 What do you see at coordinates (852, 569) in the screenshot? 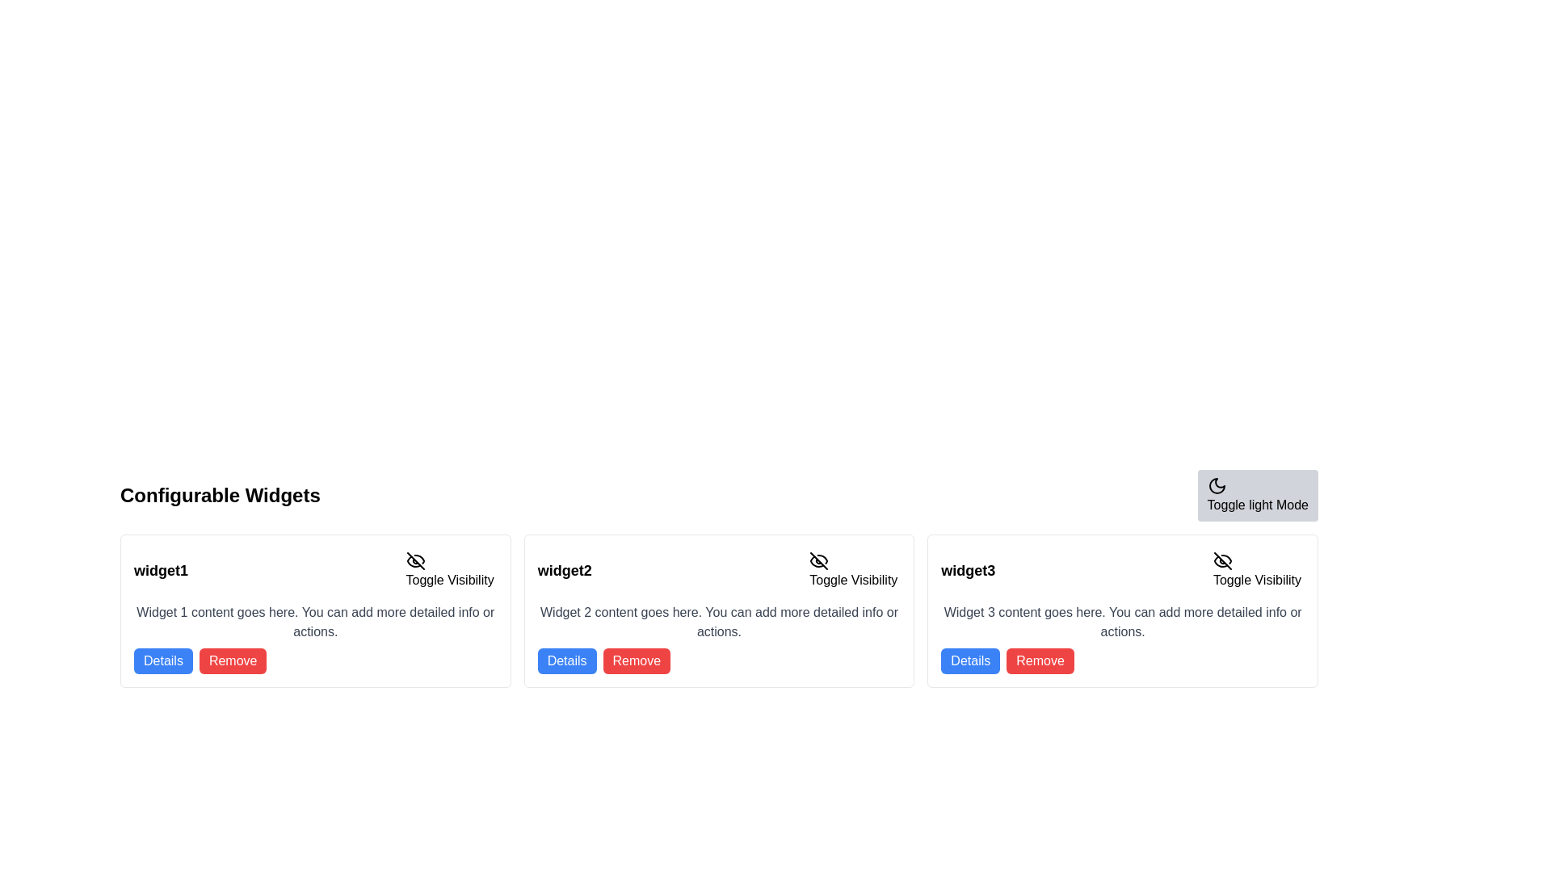
I see `the 'Toggle Visibility' button located in the top-right section of the 'widget2' area` at bounding box center [852, 569].